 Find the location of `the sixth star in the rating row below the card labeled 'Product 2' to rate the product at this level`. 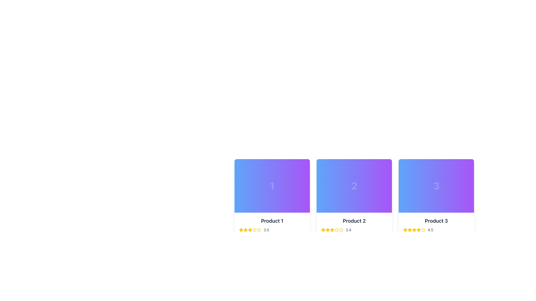

the sixth star in the rating row below the card labeled 'Product 2' to rate the product at this level is located at coordinates (336, 230).